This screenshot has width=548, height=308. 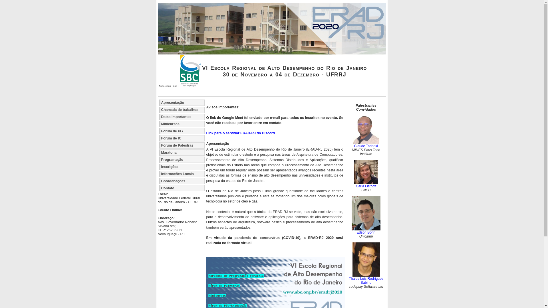 I want to click on 'Chamada de trabalhos', so click(x=182, y=110).